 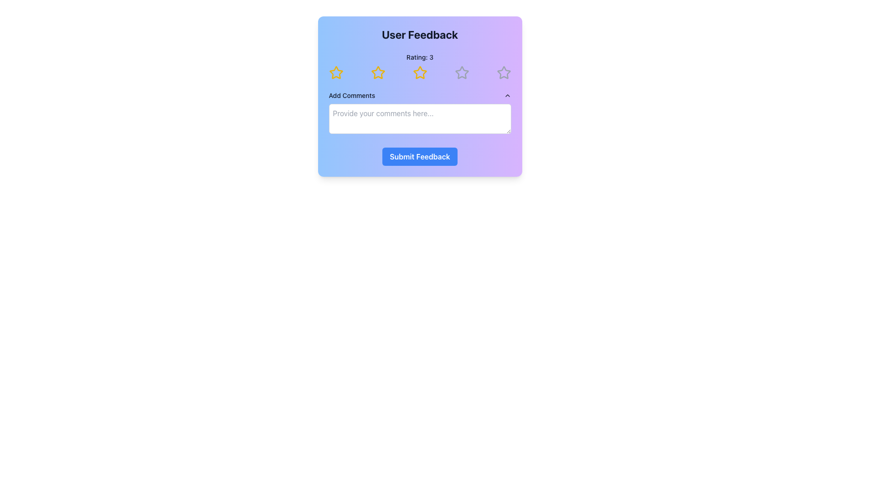 I want to click on the icon located on the far right side of the 'Add Comments' section, so click(x=507, y=95).